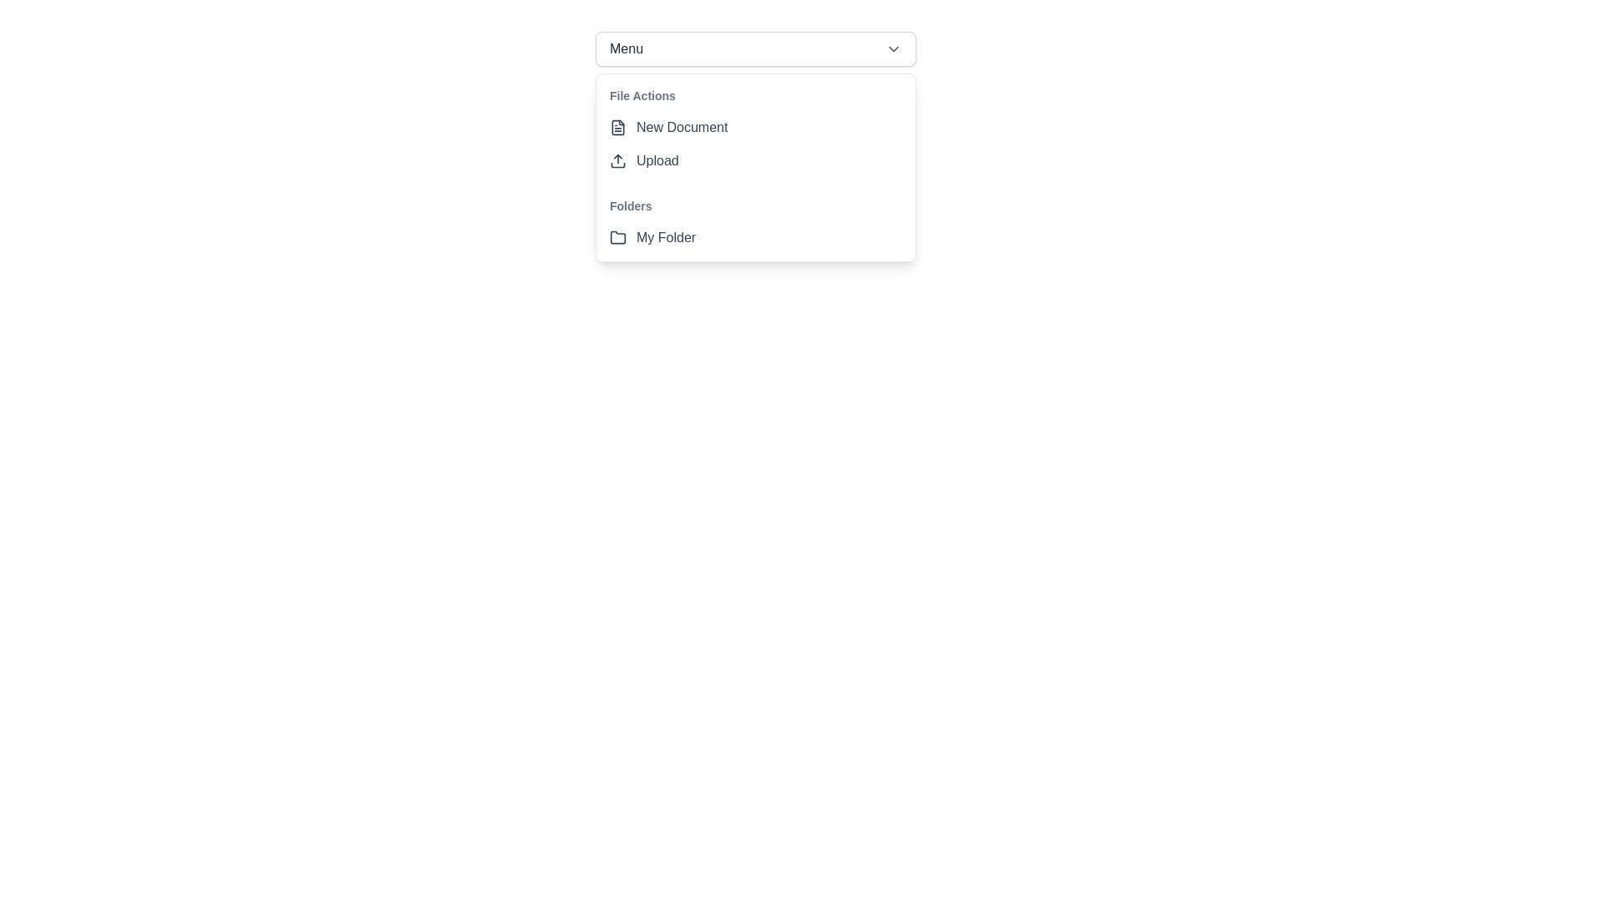 The height and width of the screenshot is (902, 1604). Describe the element at coordinates (617, 127) in the screenshot. I see `the 'New Document' icon located at the top-left section of the dropdown panel under the 'File Actions' heading` at that location.